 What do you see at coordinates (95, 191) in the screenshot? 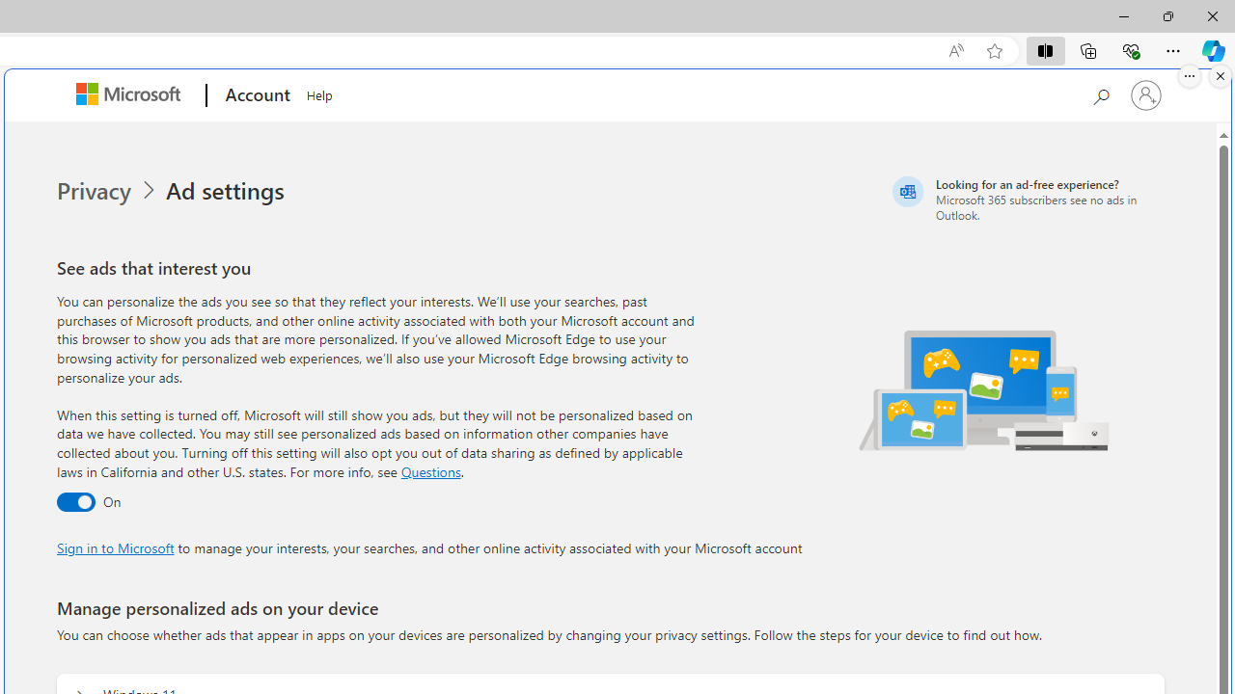
I see `'Privacy'` at bounding box center [95, 191].